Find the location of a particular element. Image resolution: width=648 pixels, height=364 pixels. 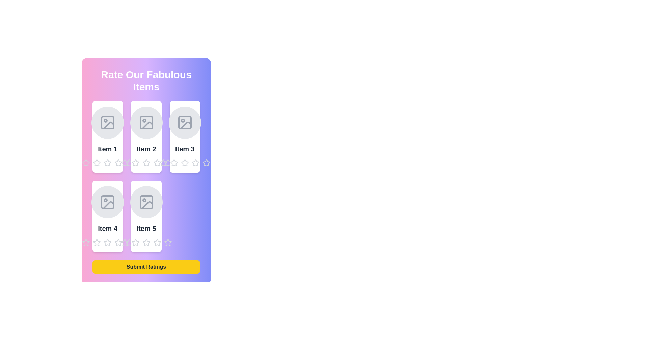

the 'Submit Ratings' button to see the hover effect is located at coordinates (146, 266).